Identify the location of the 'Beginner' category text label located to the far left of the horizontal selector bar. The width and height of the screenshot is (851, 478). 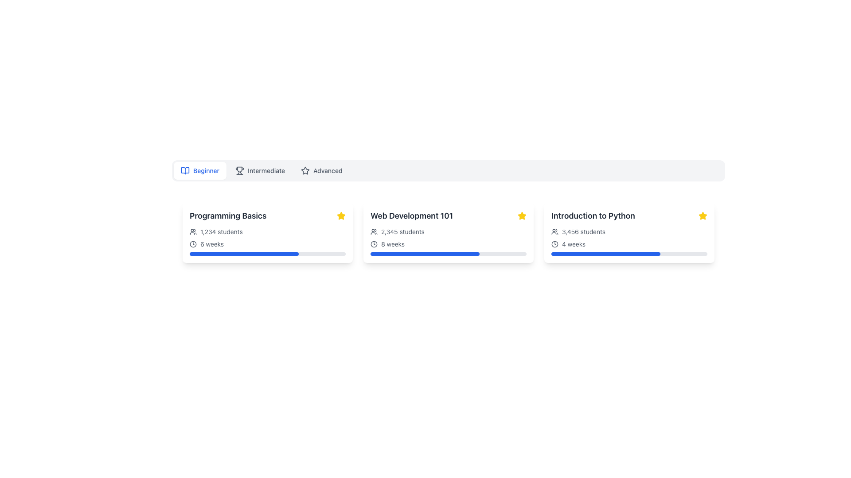
(206, 170).